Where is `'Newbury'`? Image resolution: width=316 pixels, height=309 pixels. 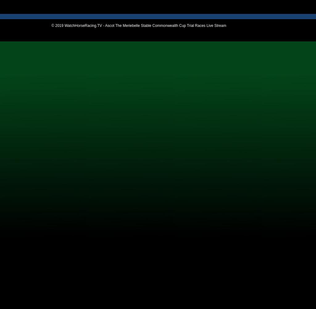
'Newbury' is located at coordinates (16, 86).